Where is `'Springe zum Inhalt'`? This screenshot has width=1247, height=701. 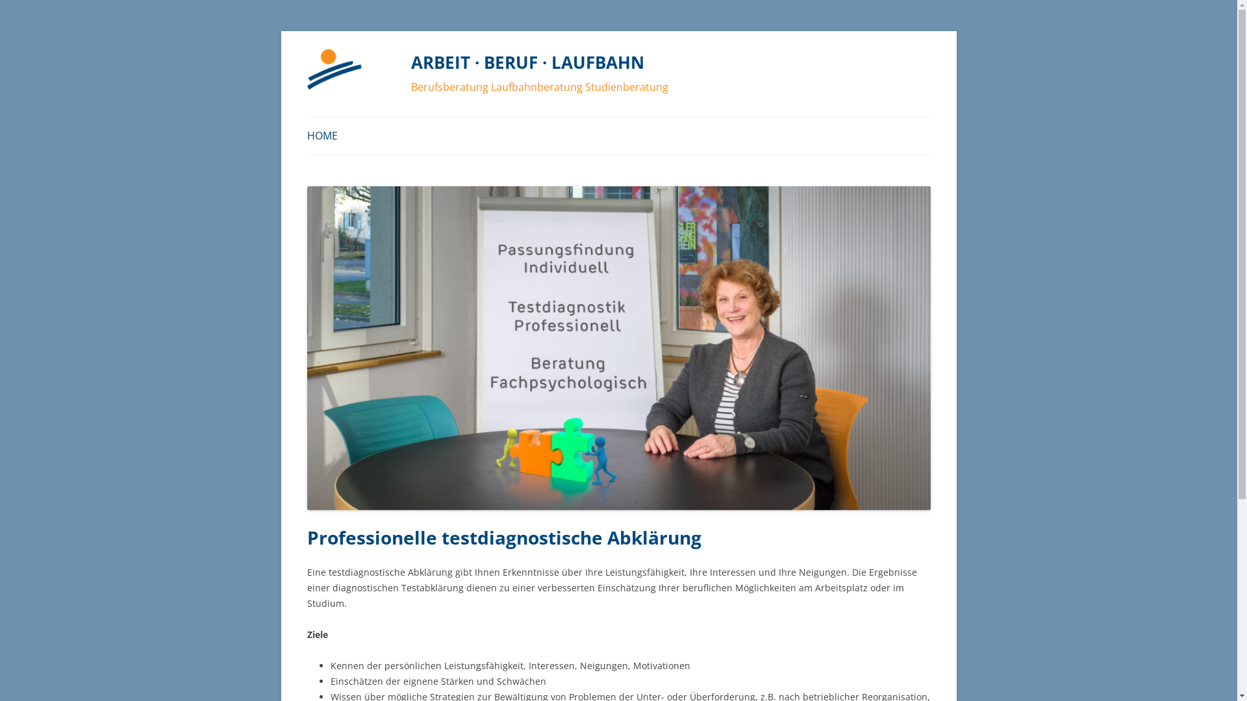
'Springe zum Inhalt' is located at coordinates (798, 62).